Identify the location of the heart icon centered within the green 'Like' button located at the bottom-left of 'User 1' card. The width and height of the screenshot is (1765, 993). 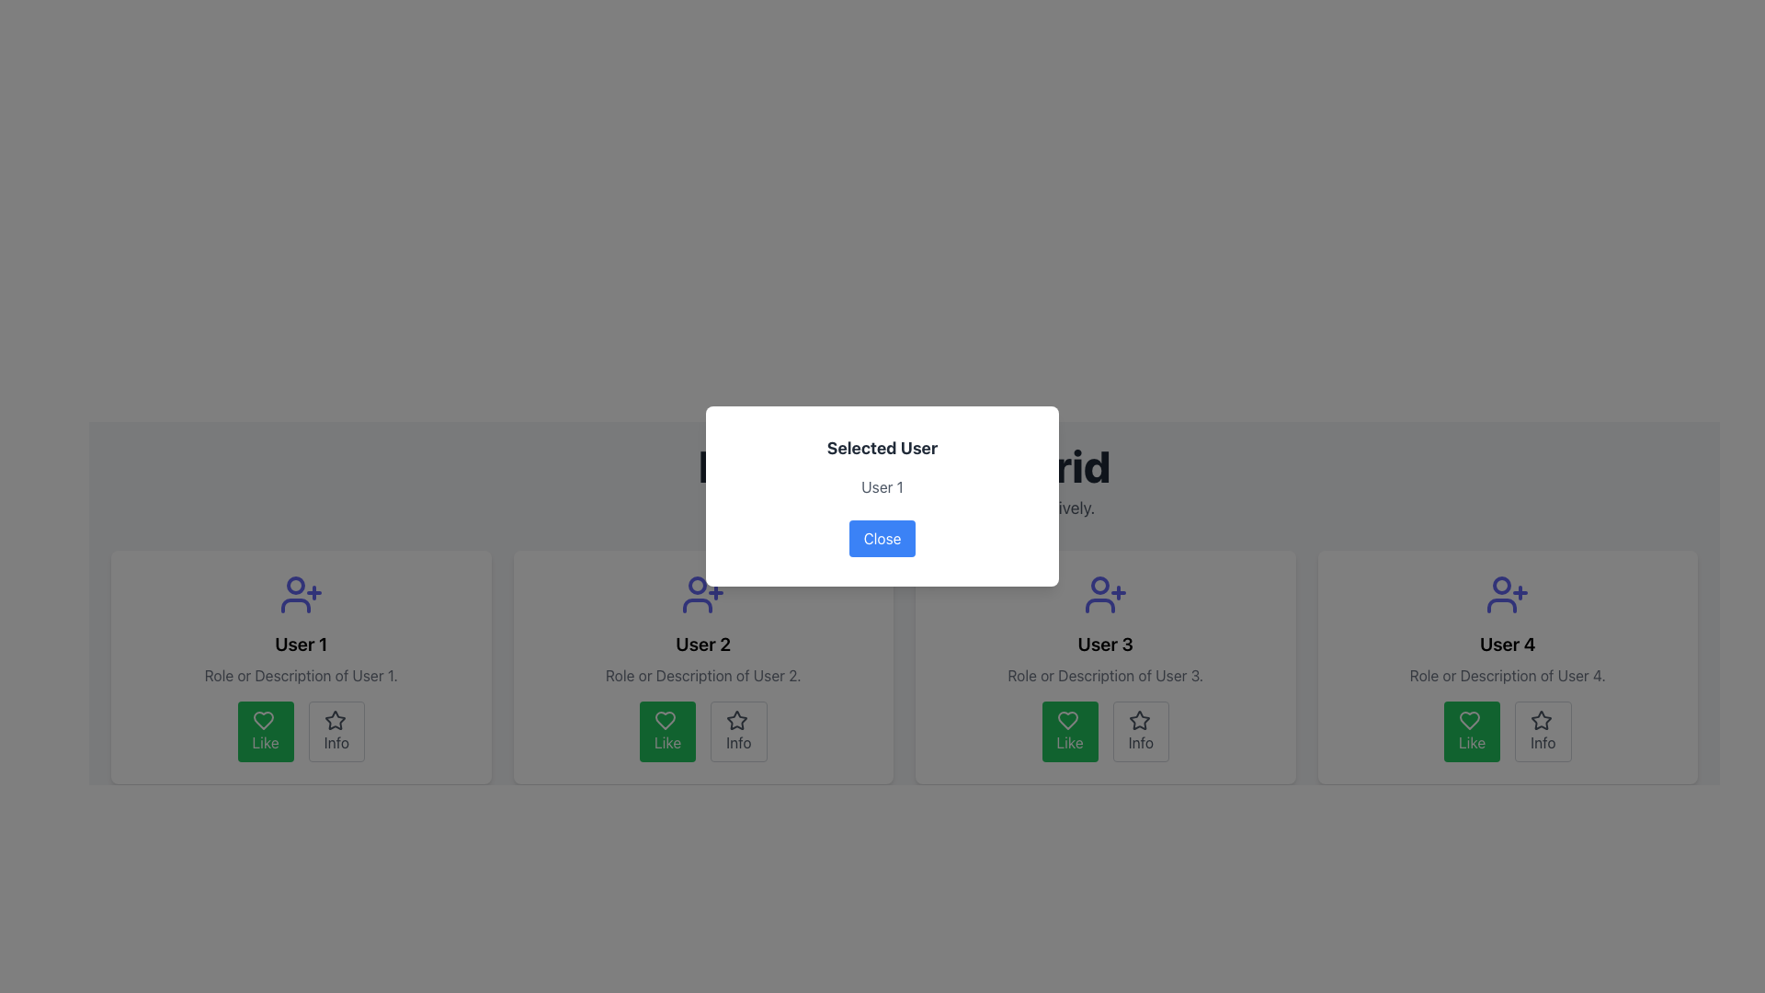
(262, 719).